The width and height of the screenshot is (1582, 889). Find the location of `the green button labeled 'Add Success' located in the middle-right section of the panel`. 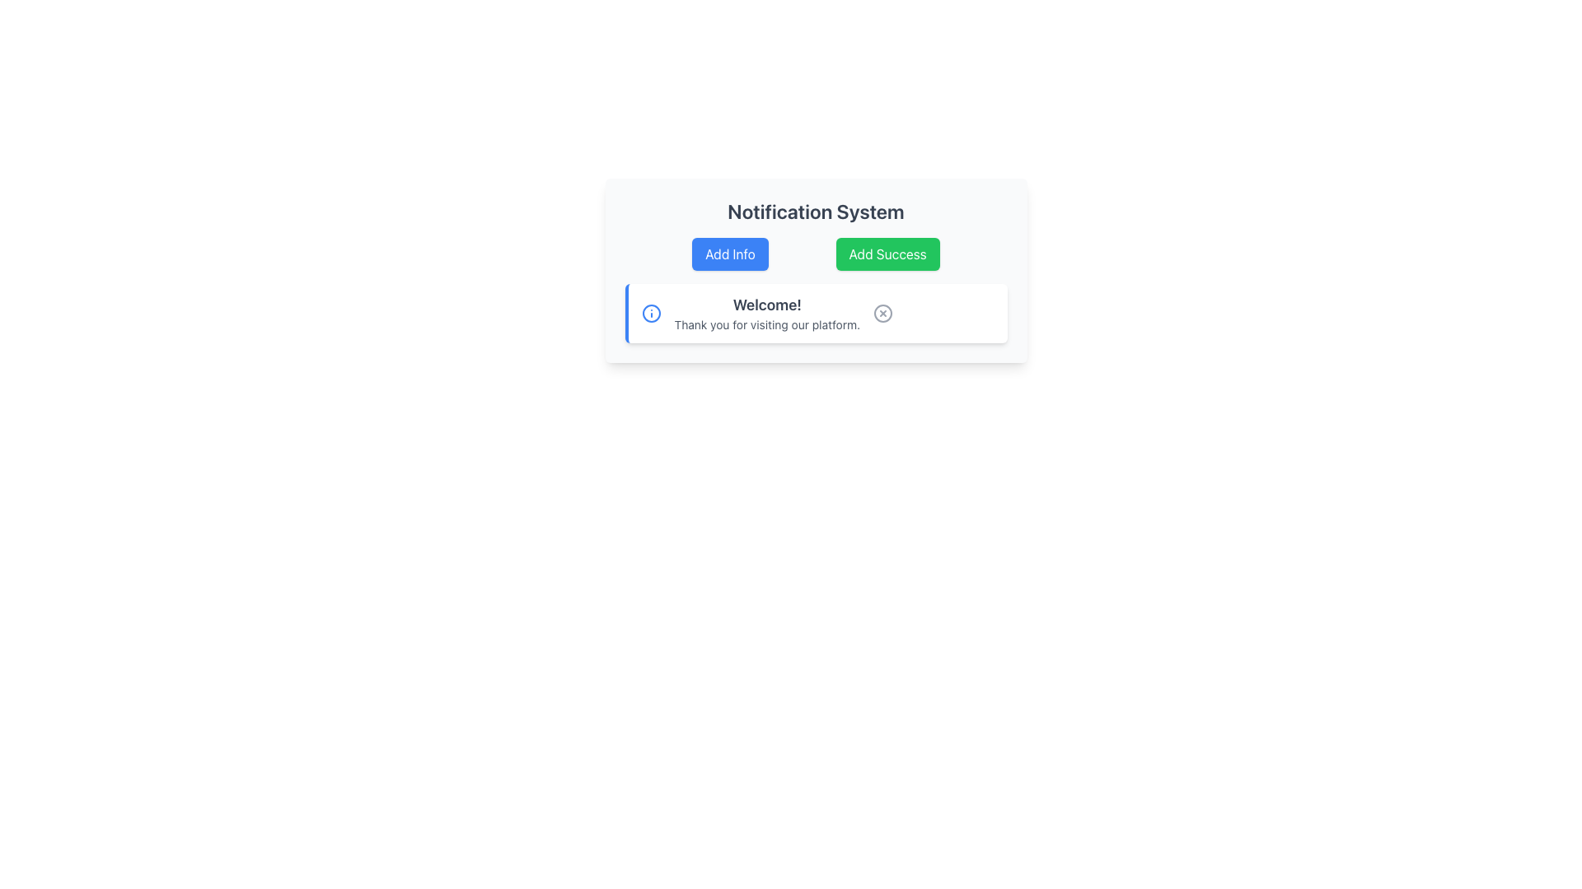

the green button labeled 'Add Success' located in the middle-right section of the panel is located at coordinates (887, 254).